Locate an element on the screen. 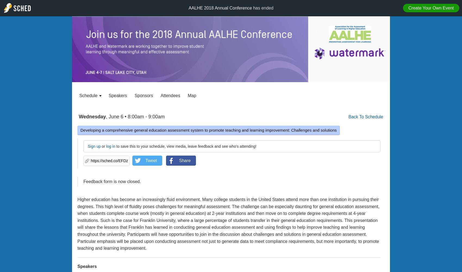  ', June  6 •
       8:00am -  9:00am' is located at coordinates (105, 117).